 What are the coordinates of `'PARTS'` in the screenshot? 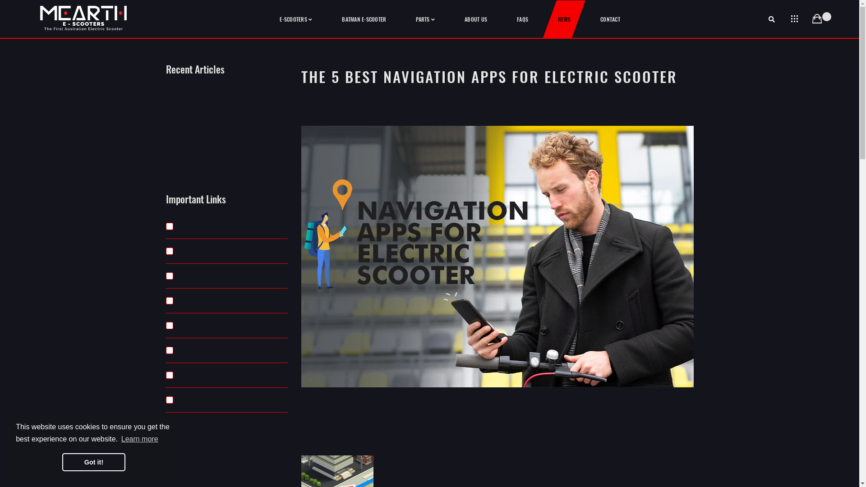 It's located at (424, 19).